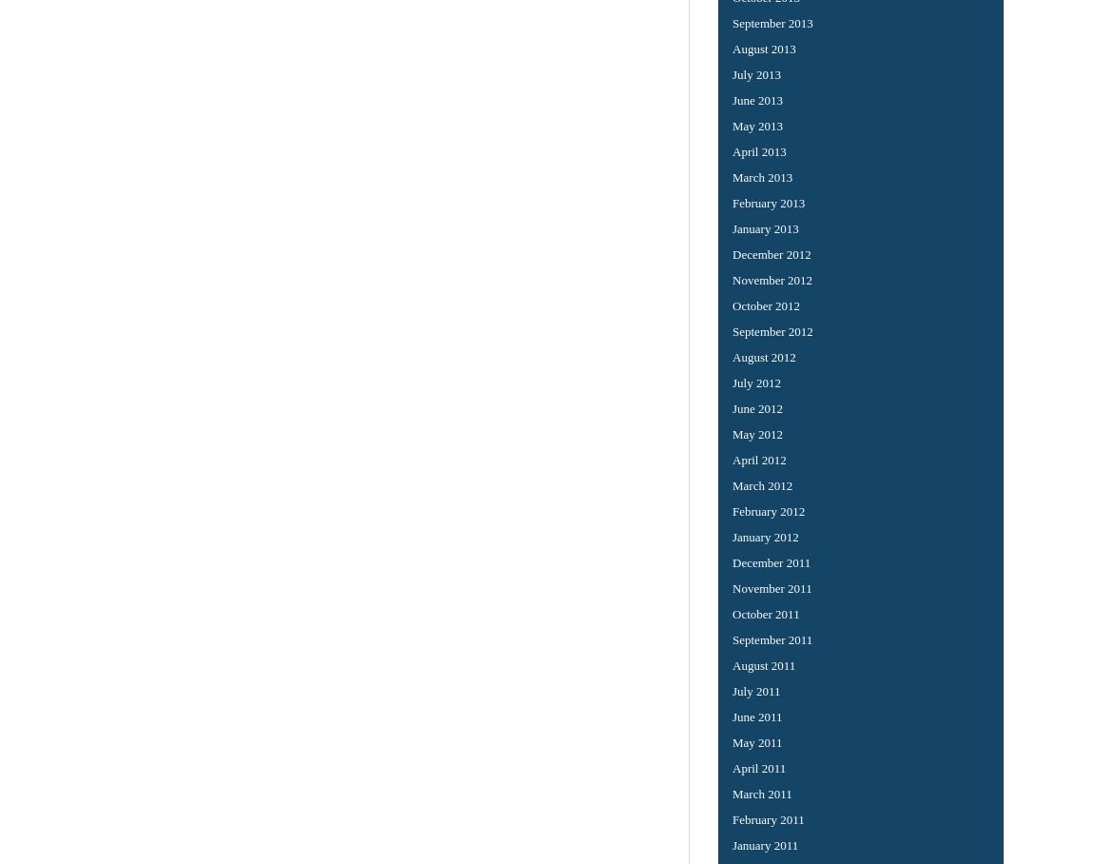 Image resolution: width=1094 pixels, height=864 pixels. I want to click on 'February 2013', so click(732, 202).